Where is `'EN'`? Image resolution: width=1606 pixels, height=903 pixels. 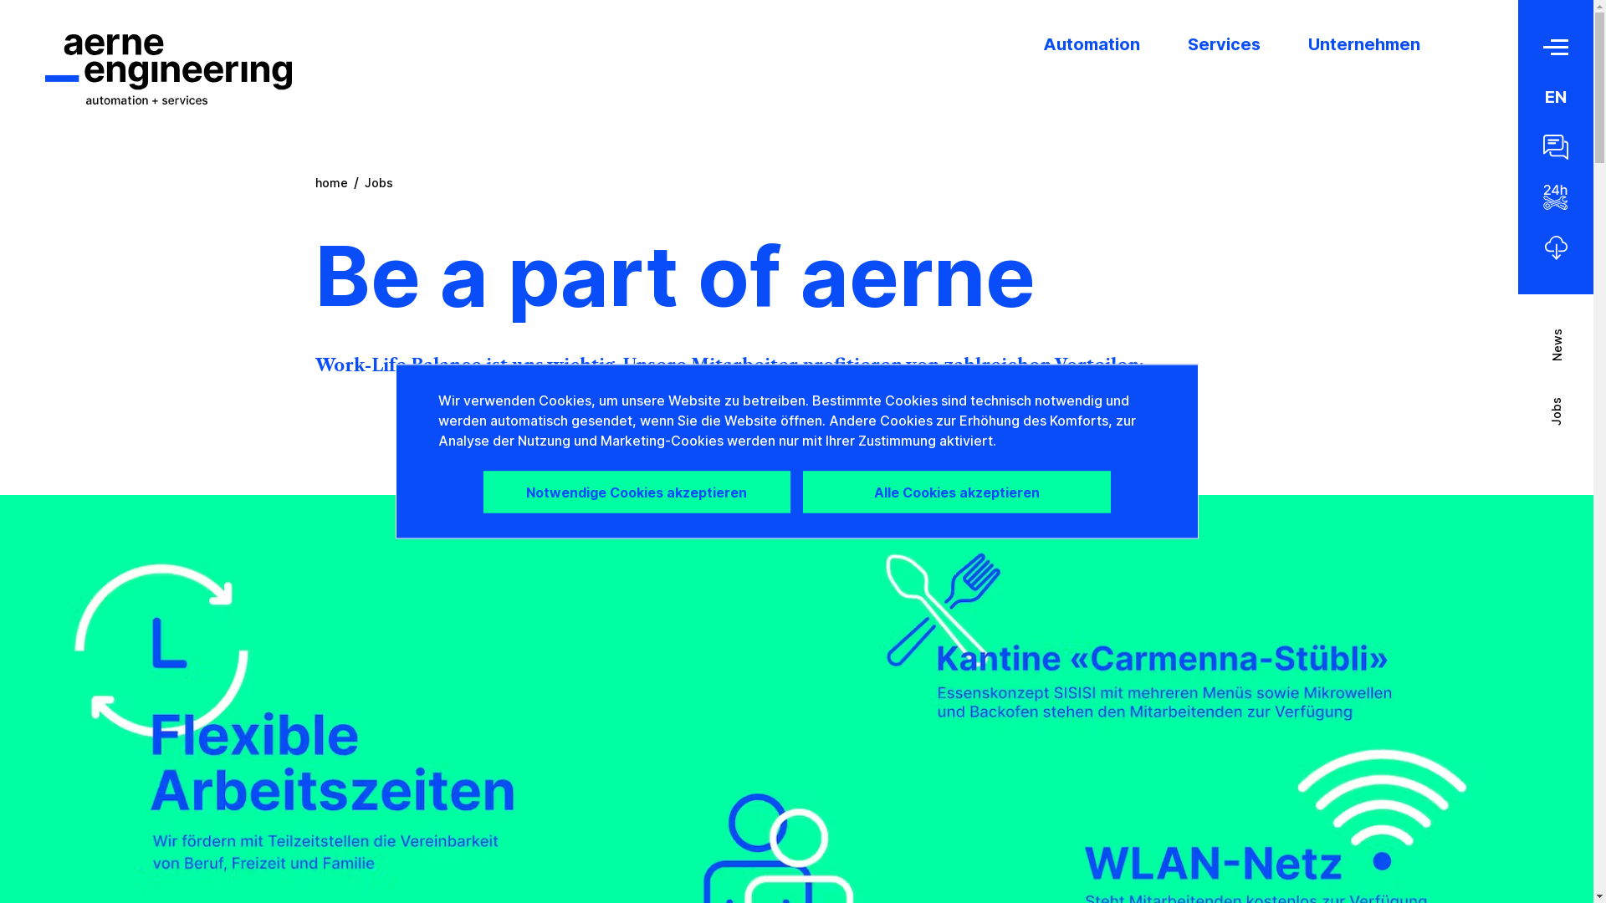
'EN' is located at coordinates (1544, 96).